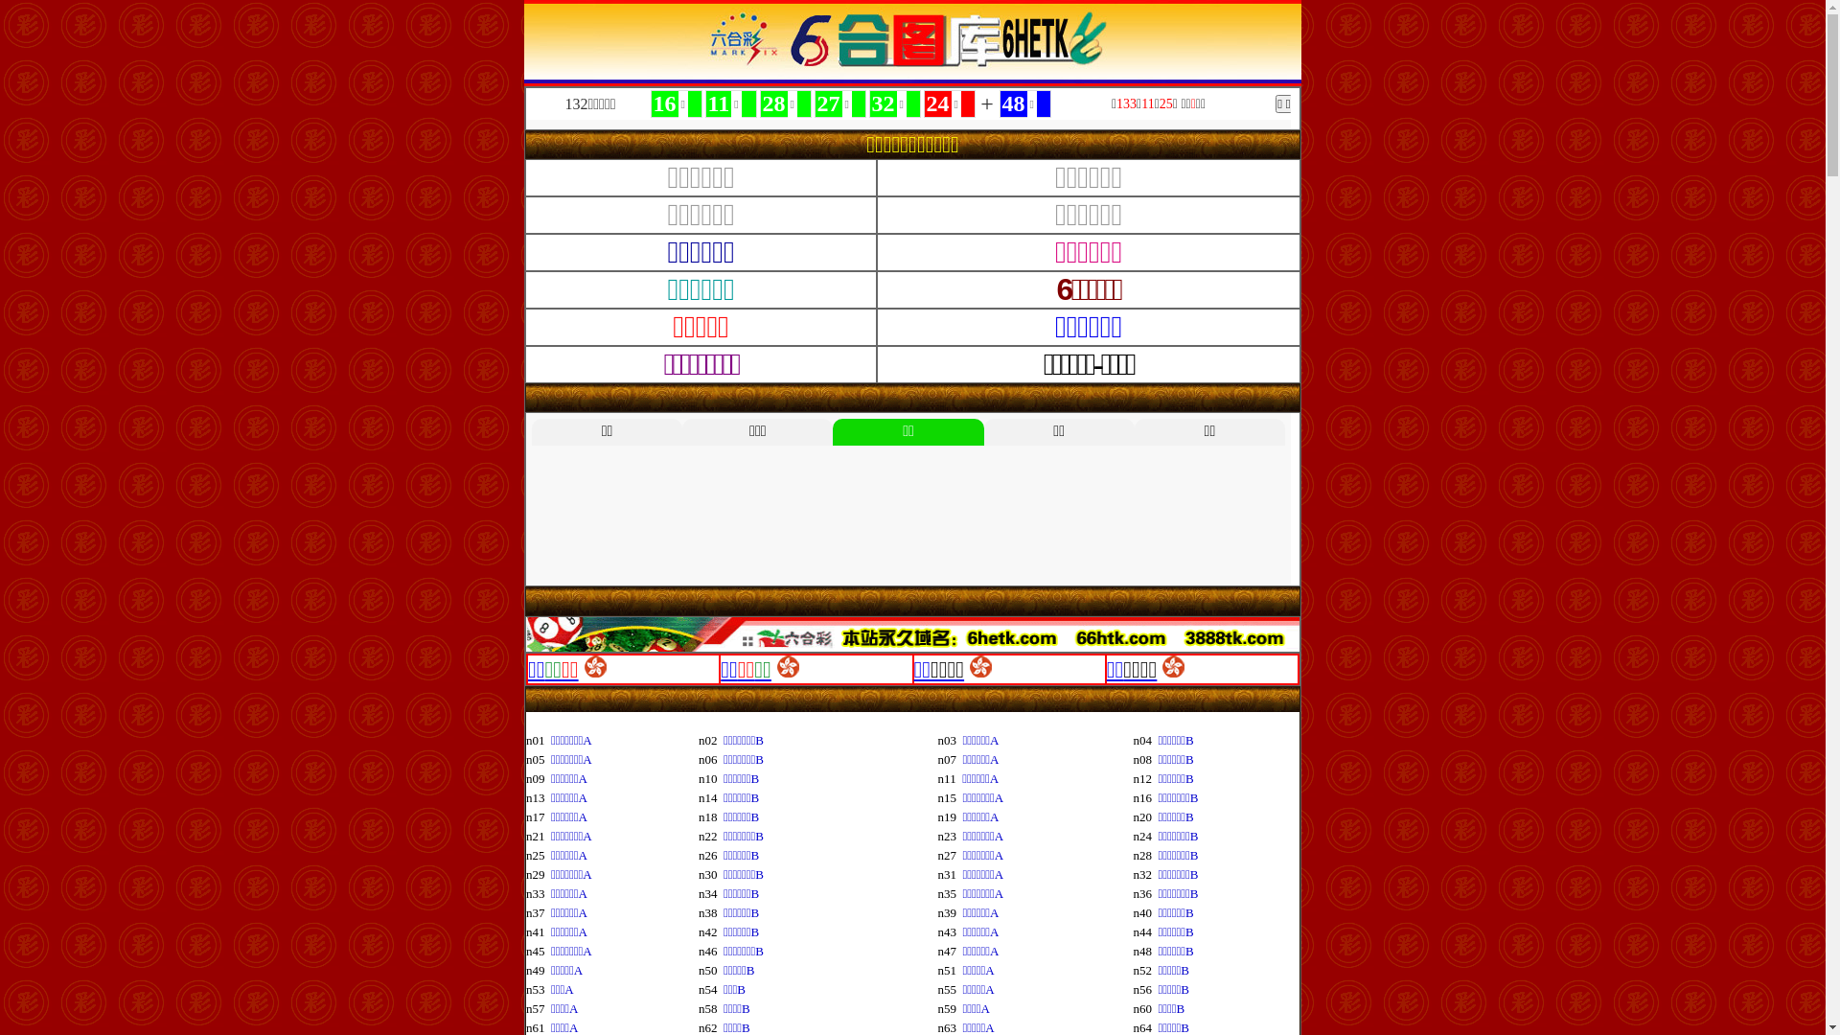 This screenshot has width=1840, height=1035. Describe the element at coordinates (710, 854) in the screenshot. I see `'n26 '` at that location.